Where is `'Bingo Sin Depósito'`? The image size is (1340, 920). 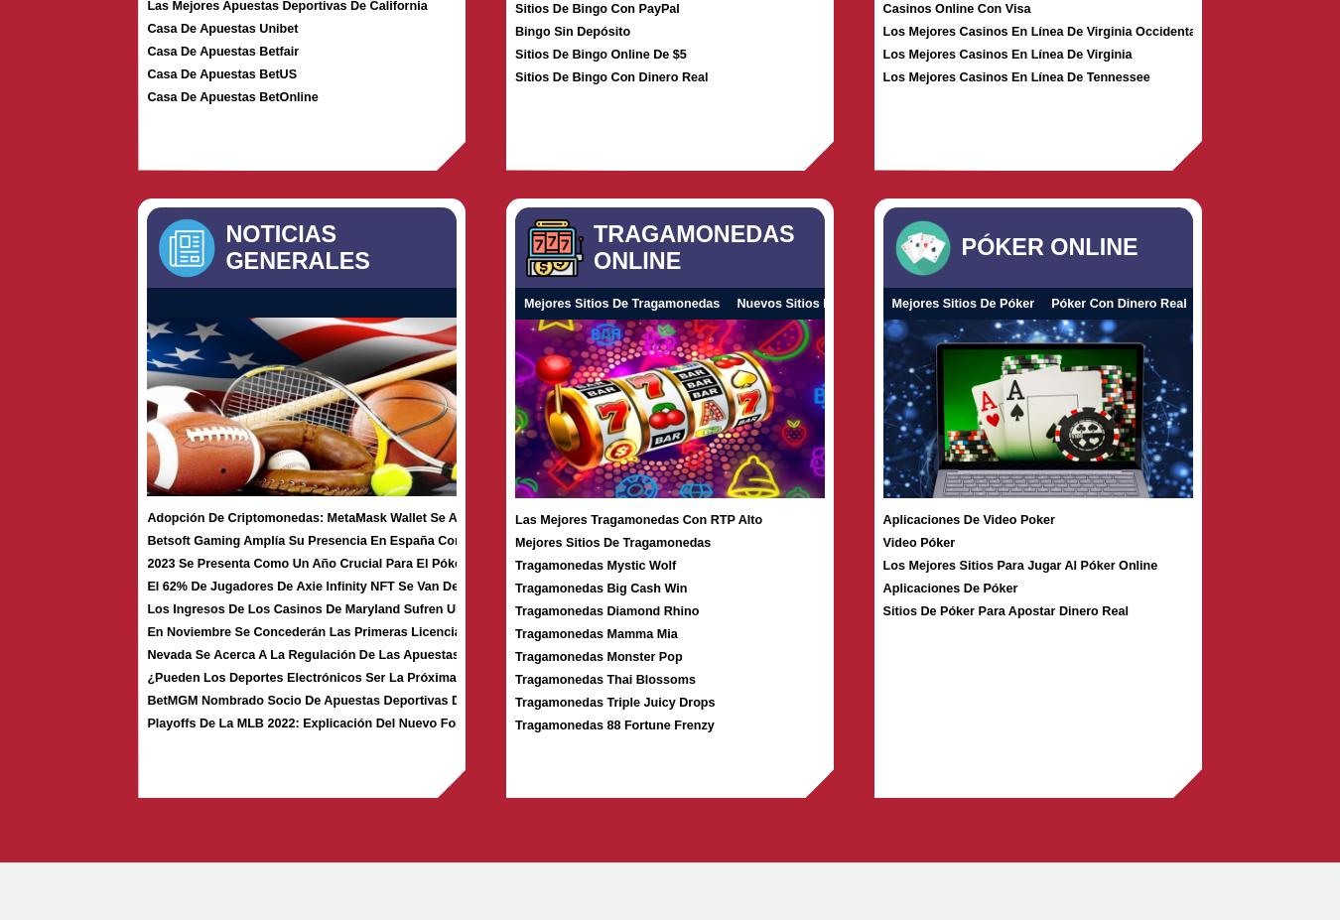 'Bingo Sin Depósito' is located at coordinates (572, 29).